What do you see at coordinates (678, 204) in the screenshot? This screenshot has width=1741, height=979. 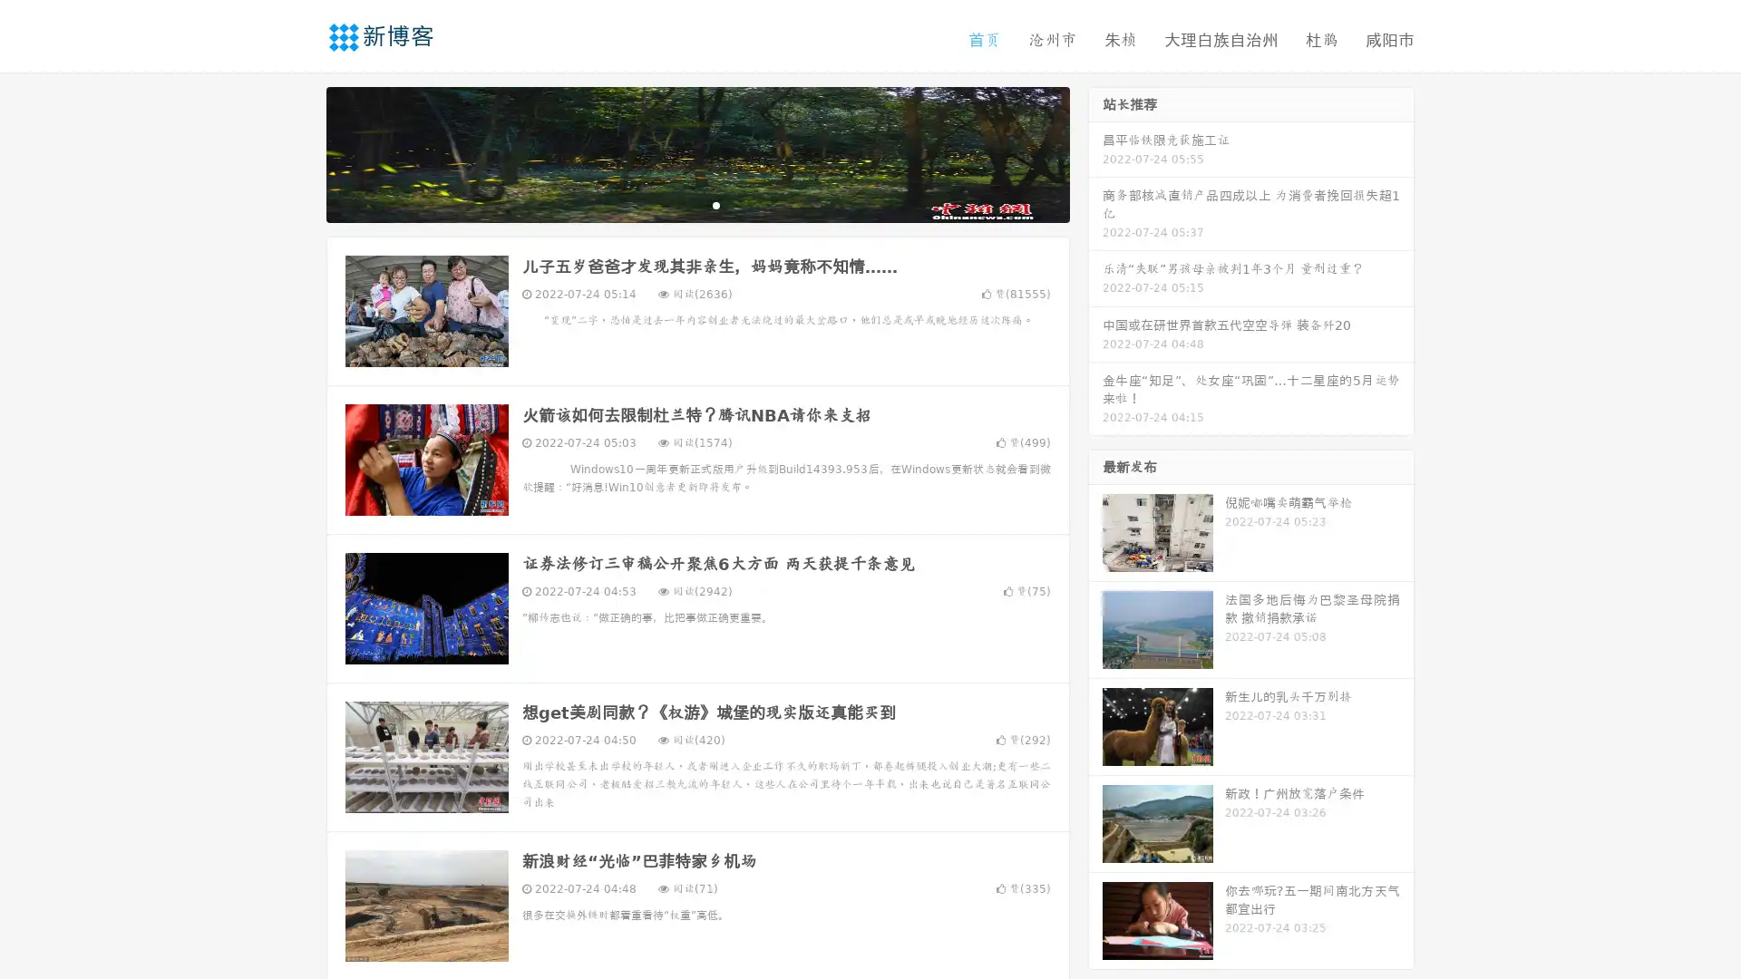 I see `Go to slide 1` at bounding box center [678, 204].